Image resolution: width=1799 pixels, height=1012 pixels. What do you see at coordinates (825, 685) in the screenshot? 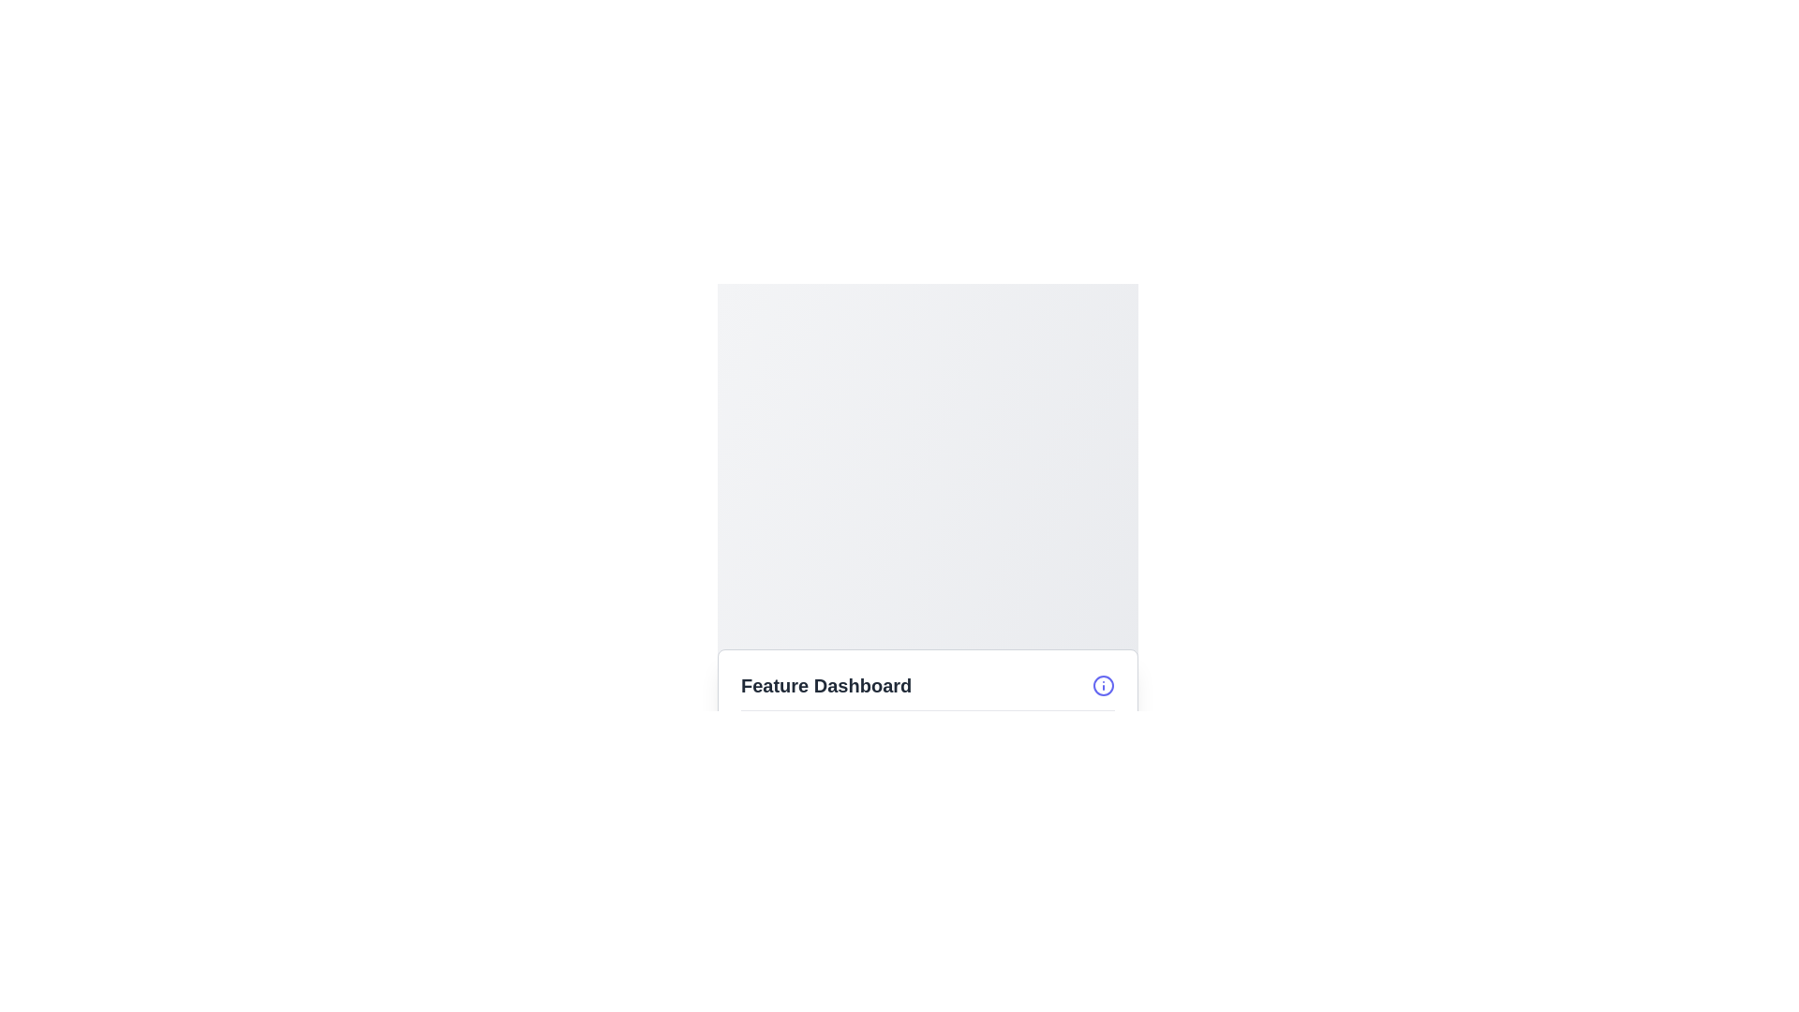
I see `the 'Feature Dashboard' text label, which is styled in a bold, extra-large font and is positioned in the header section of the interface` at bounding box center [825, 685].